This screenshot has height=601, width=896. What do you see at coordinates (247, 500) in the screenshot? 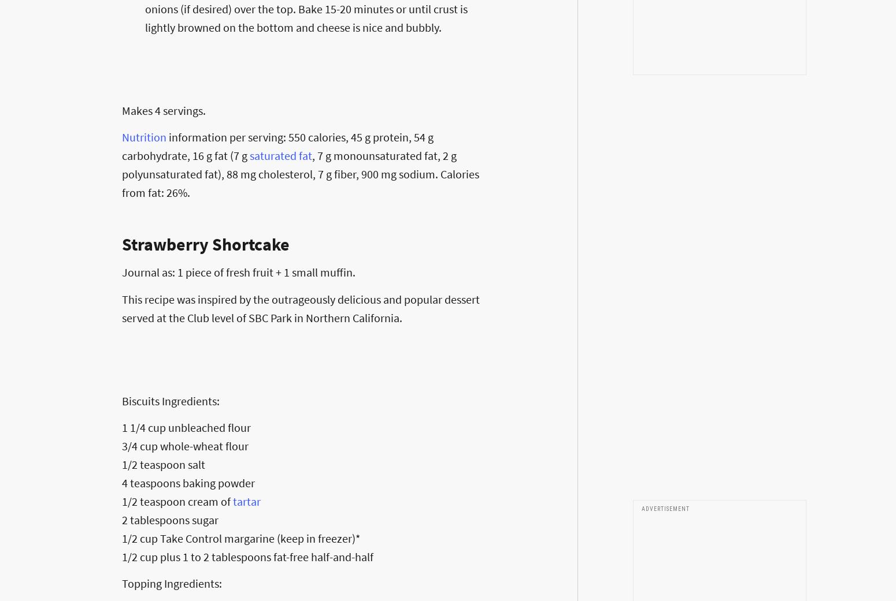
I see `'tartar'` at bounding box center [247, 500].